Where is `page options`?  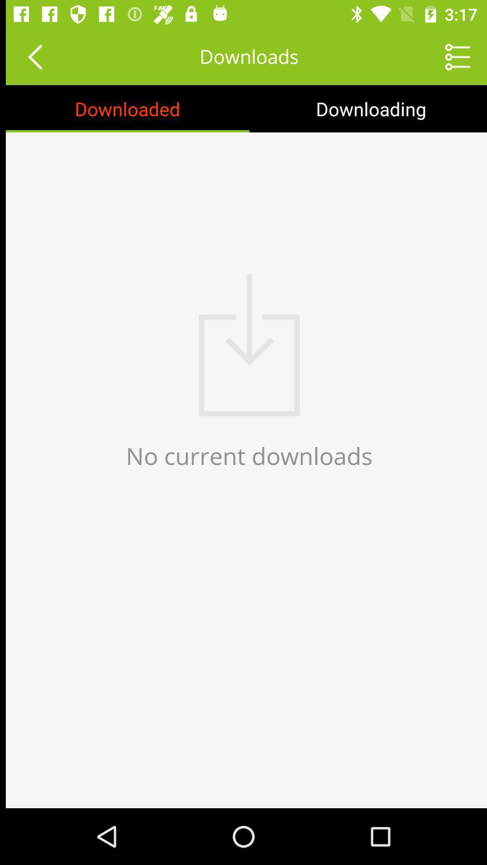
page options is located at coordinates (452, 56).